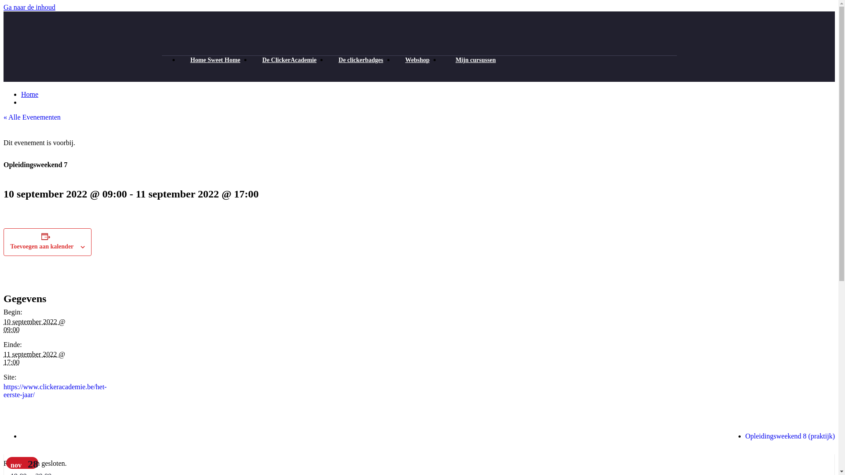  I want to click on 'Home Sweet Home', so click(215, 59).